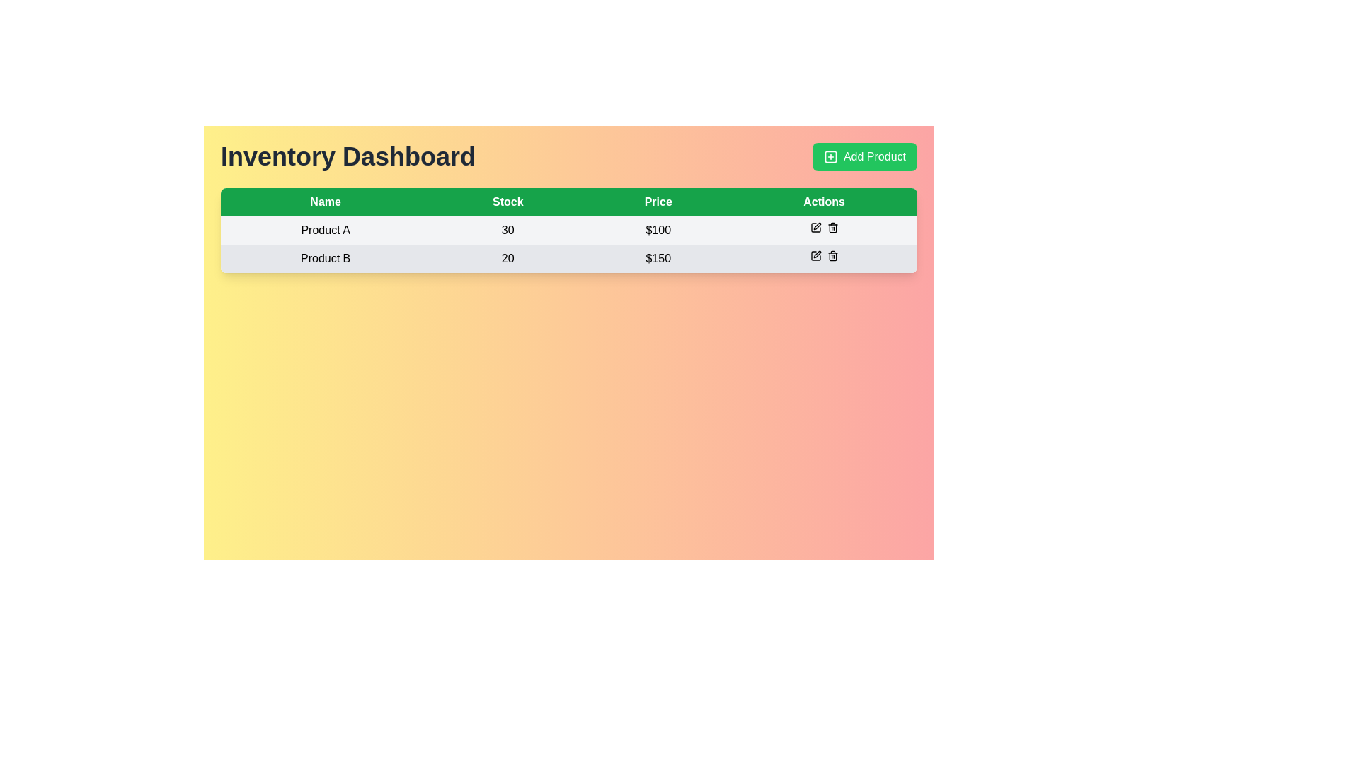 The image size is (1359, 764). I want to click on the main rectangular portion of the trash can icon located in the 'Actions' column of the second row in the displayed table, so click(832, 257).